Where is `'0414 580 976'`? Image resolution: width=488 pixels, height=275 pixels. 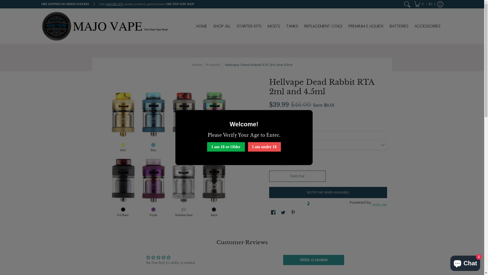
'0414 580 976' is located at coordinates (105, 4).